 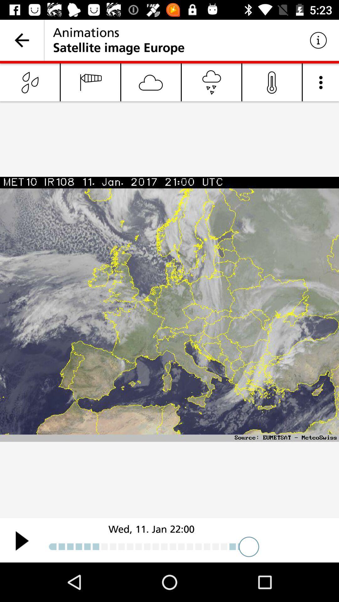 What do you see at coordinates (211, 82) in the screenshot?
I see `the cart icon` at bounding box center [211, 82].